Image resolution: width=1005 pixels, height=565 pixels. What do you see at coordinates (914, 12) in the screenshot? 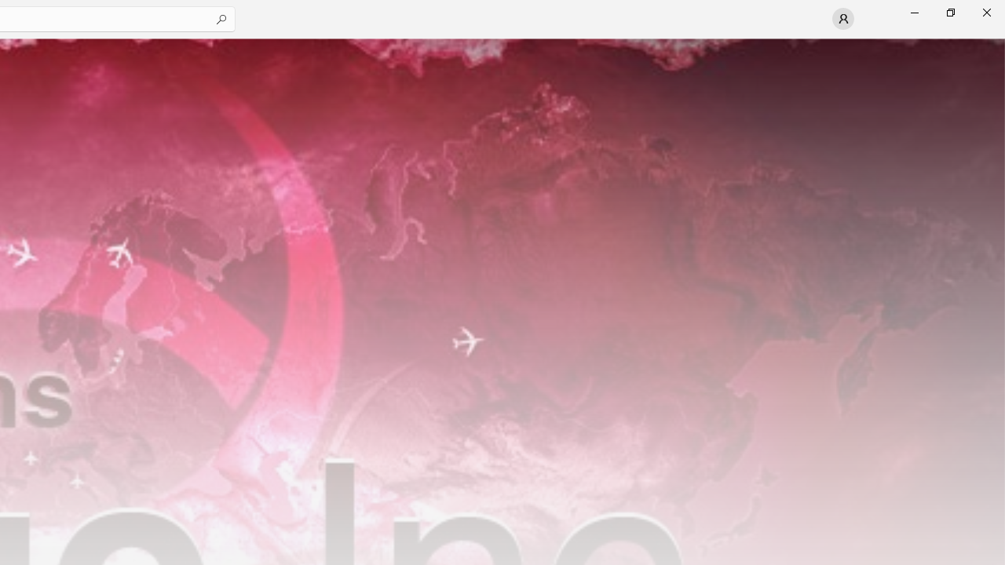
I see `'Minimize Microsoft Store'` at bounding box center [914, 12].